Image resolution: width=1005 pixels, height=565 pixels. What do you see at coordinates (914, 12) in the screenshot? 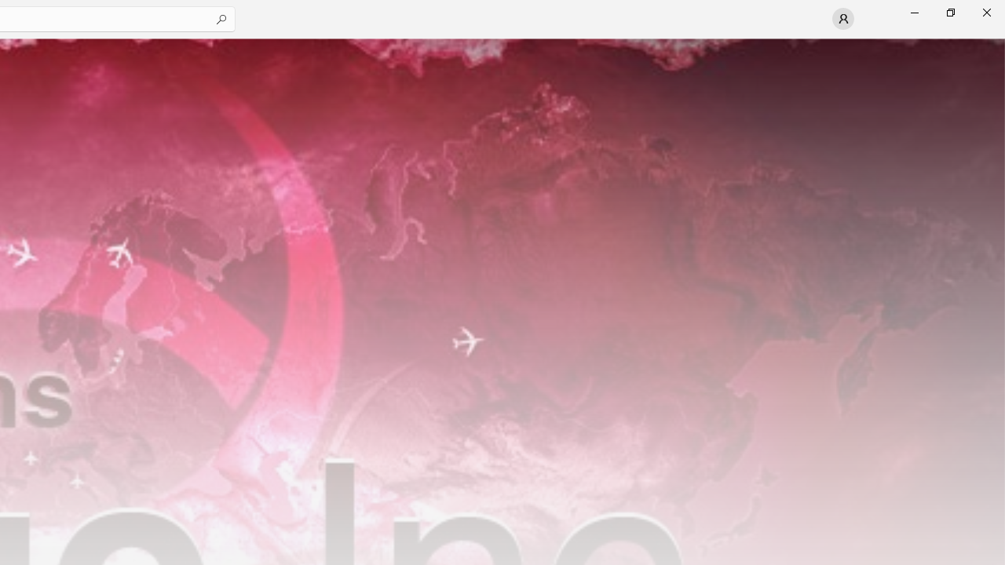
I see `'Minimize Microsoft Store'` at bounding box center [914, 12].